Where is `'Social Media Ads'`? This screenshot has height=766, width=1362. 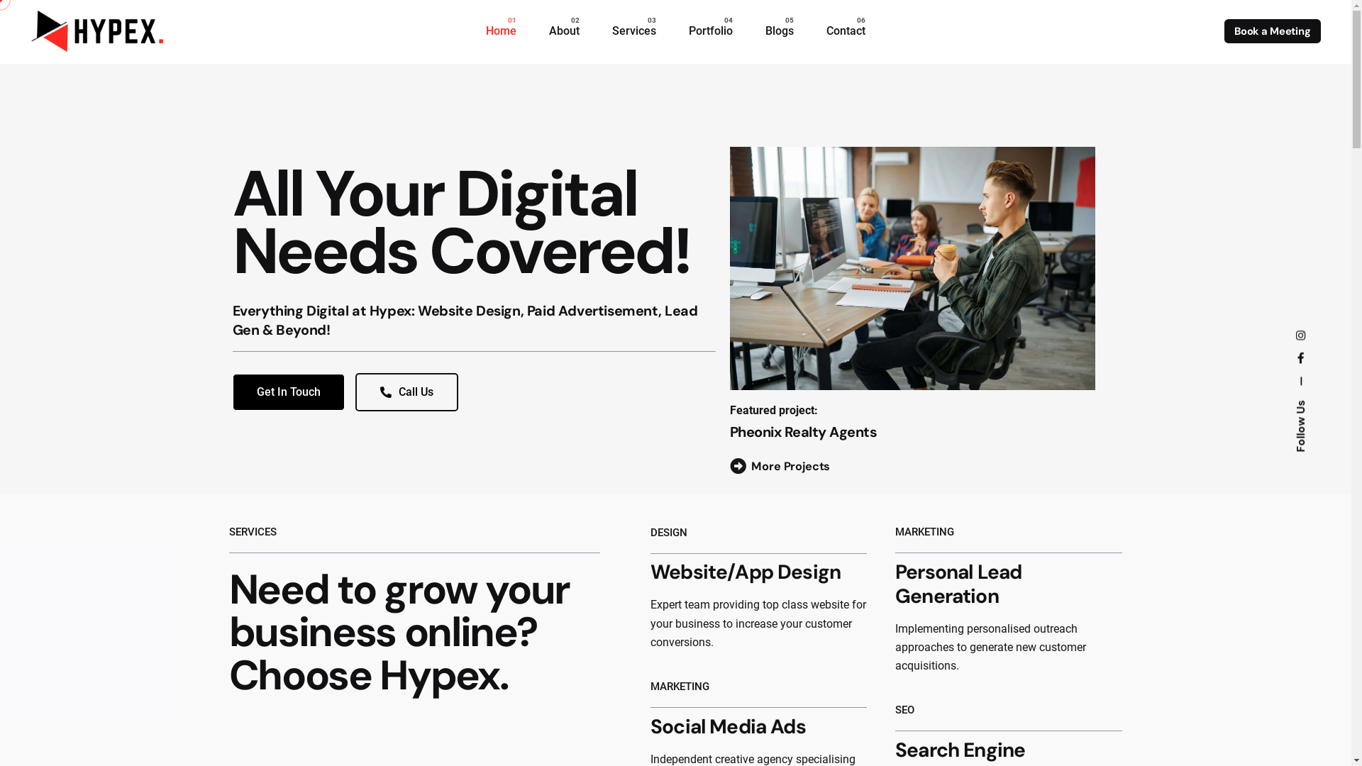
'Social Media Ads' is located at coordinates (728, 726).